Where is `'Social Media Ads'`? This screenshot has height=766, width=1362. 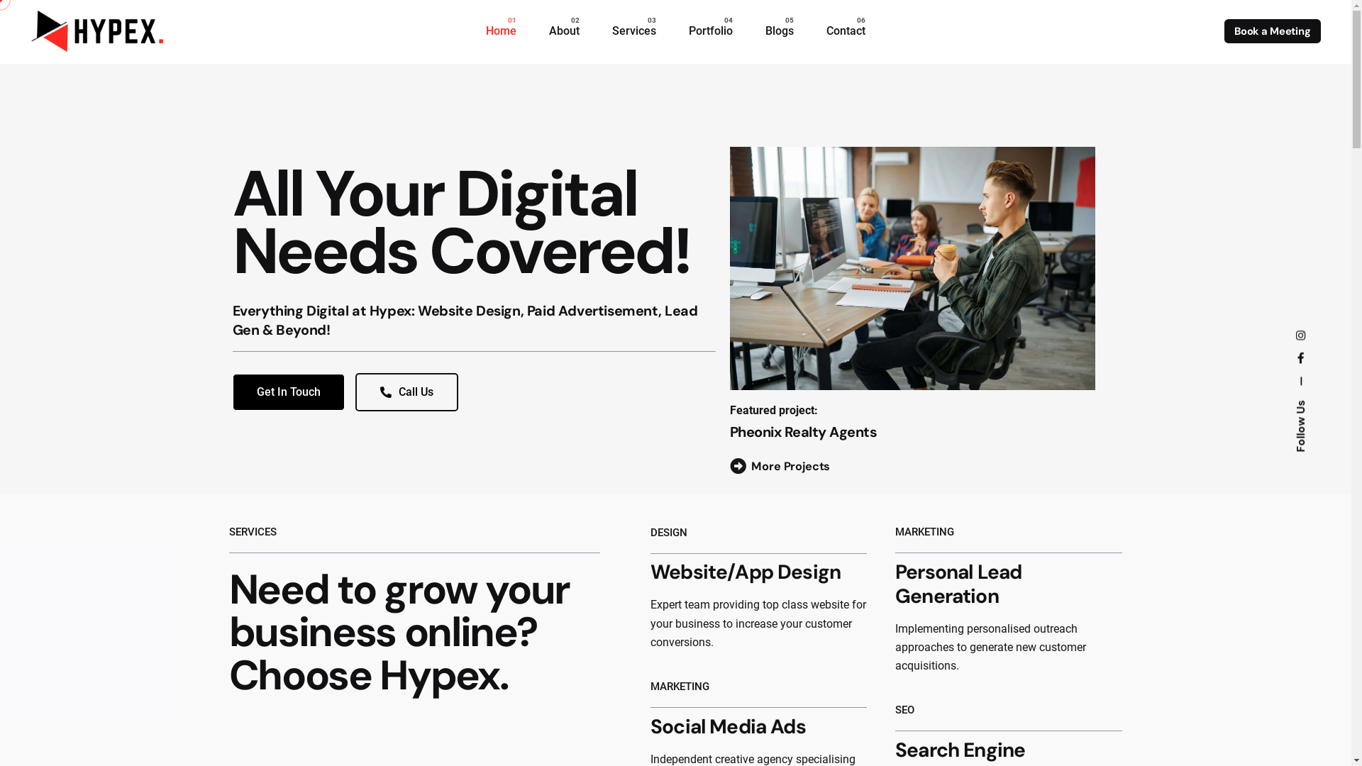
'Social Media Ads' is located at coordinates (728, 726).